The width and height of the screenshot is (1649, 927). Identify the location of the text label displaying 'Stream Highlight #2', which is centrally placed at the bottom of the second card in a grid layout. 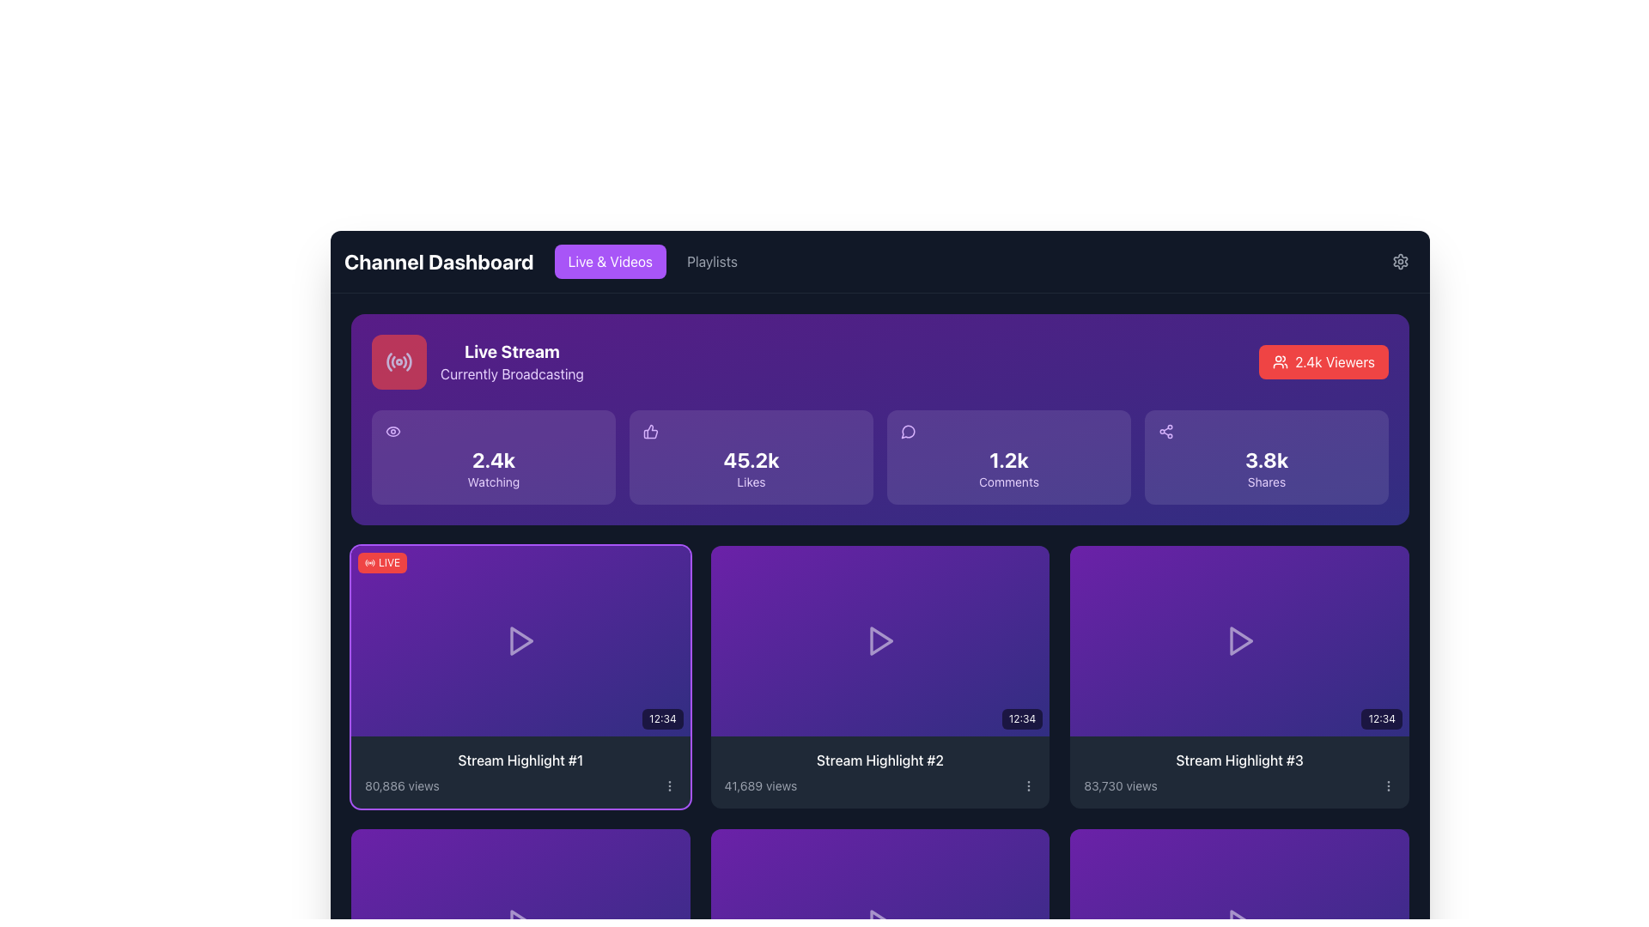
(879, 760).